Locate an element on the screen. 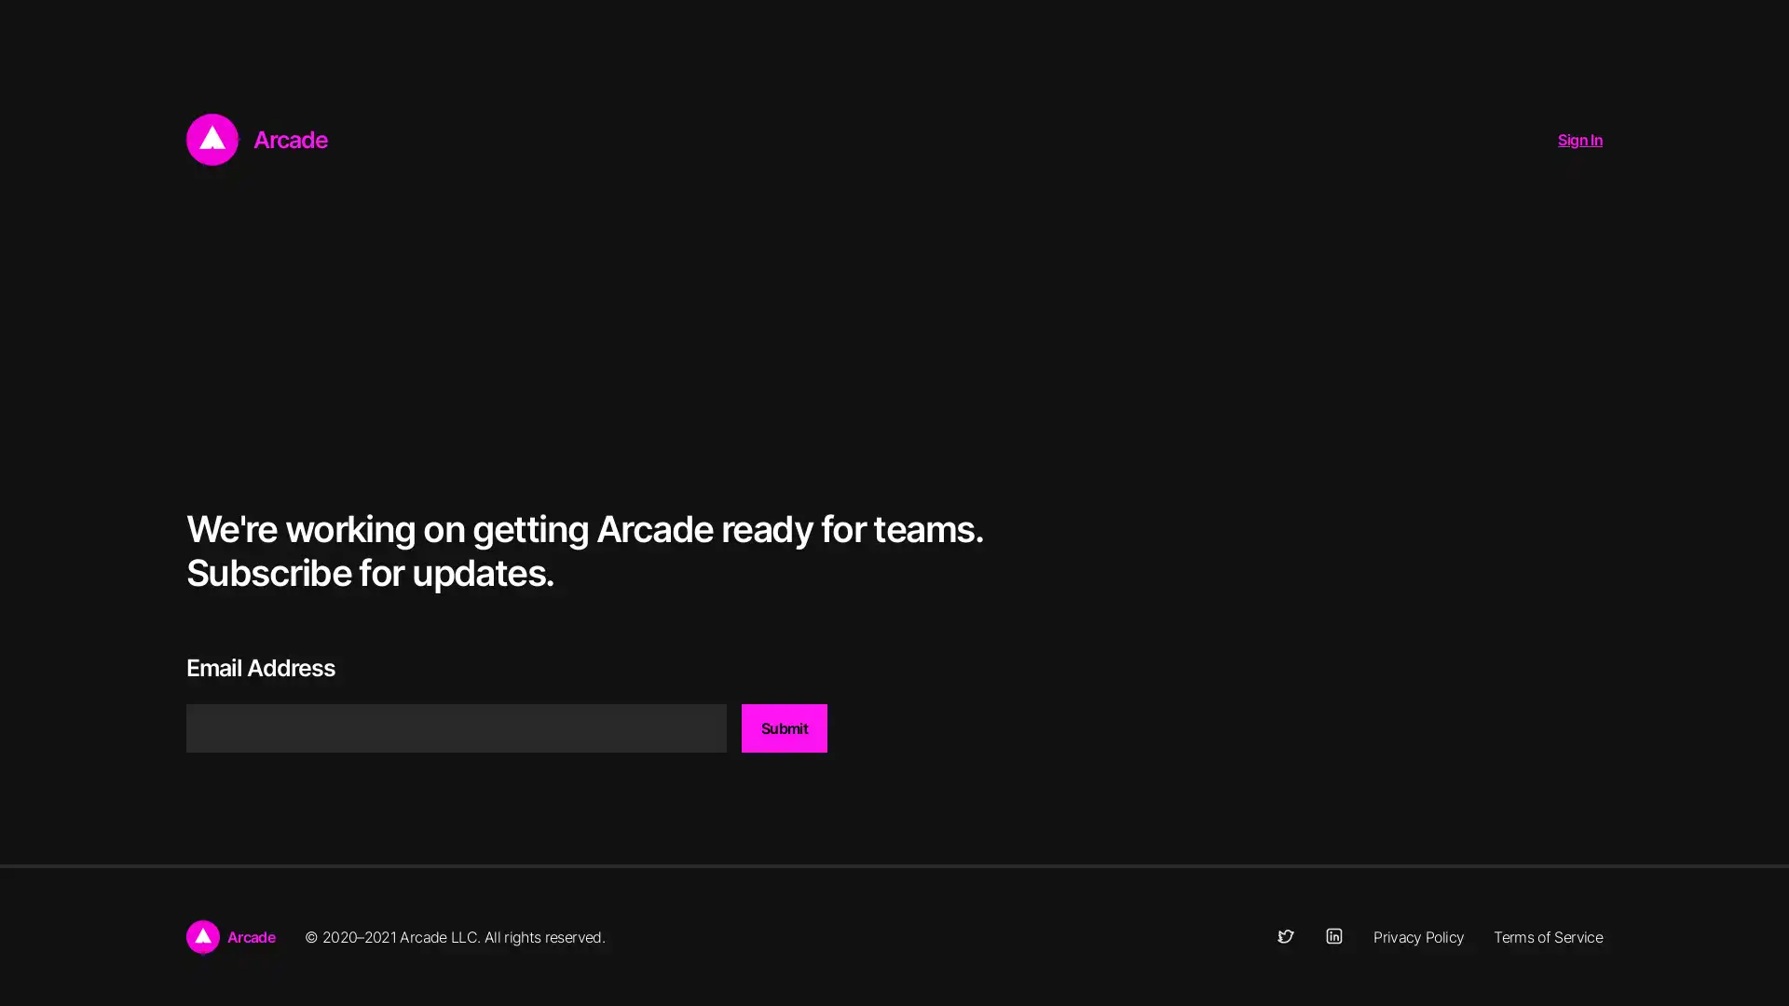 The width and height of the screenshot is (1789, 1006). Submit is located at coordinates (784, 727).